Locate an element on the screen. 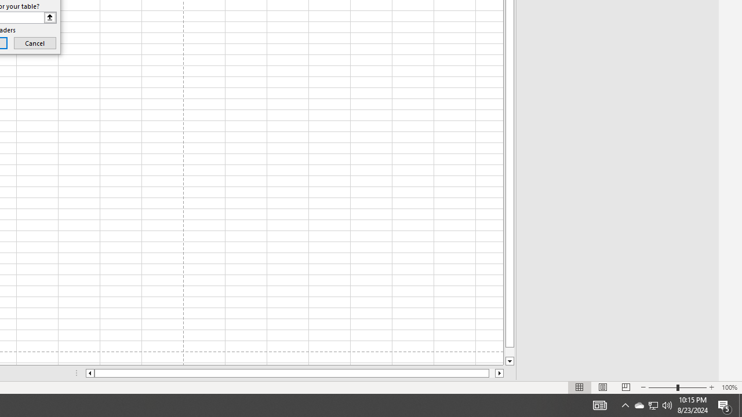 The image size is (742, 417). 'Zoom' is located at coordinates (677, 387).